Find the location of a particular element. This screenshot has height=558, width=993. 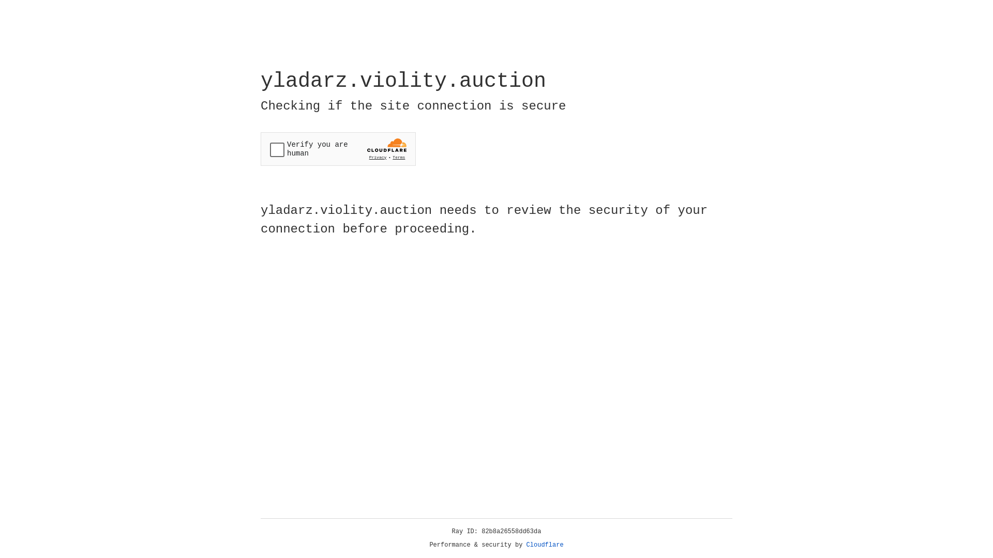

'Cloudflare' is located at coordinates (545, 545).